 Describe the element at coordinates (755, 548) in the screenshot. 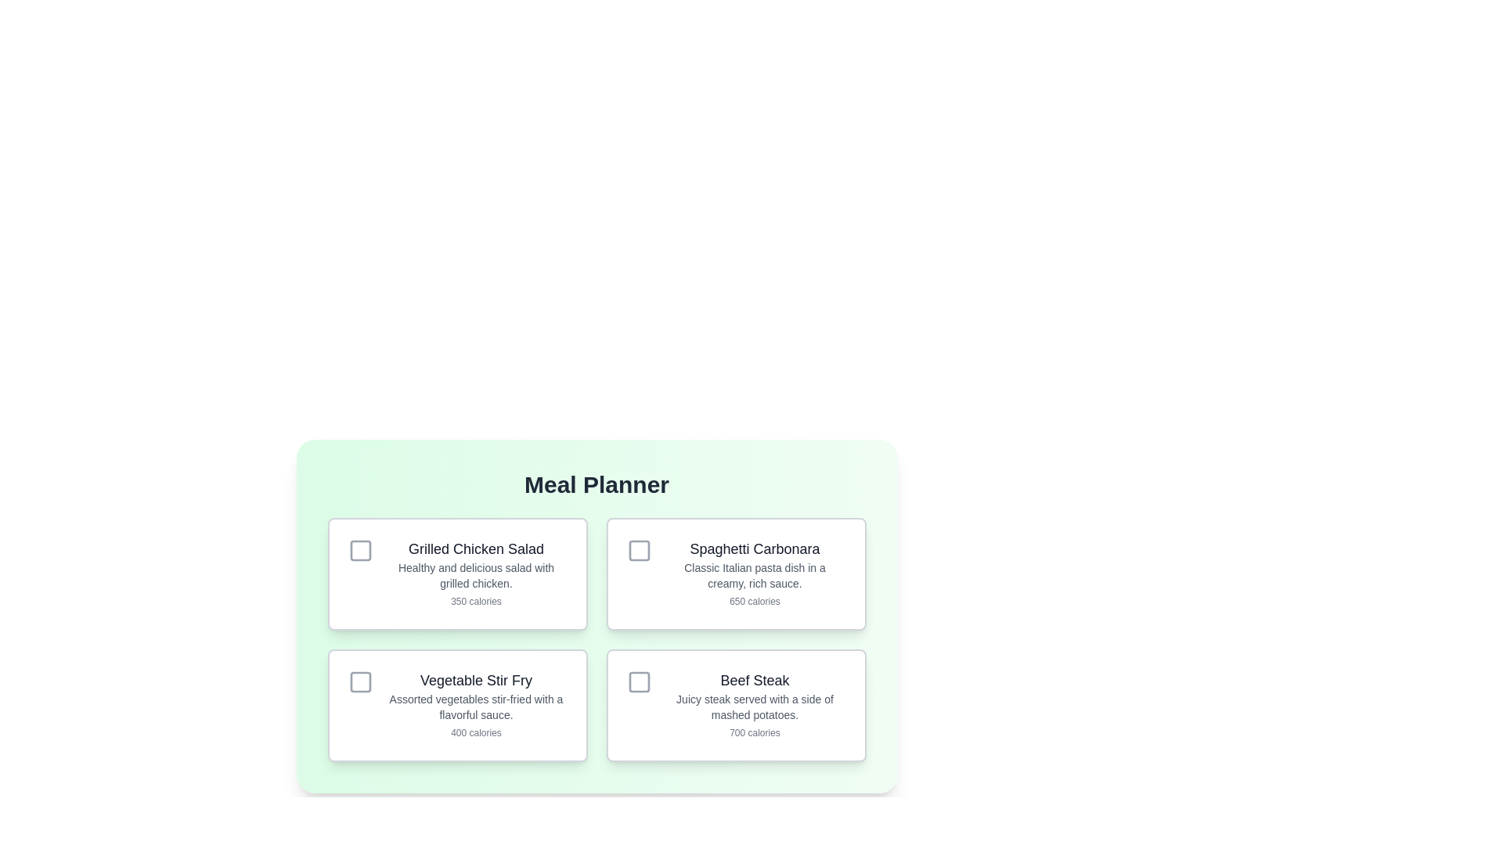

I see `the text label identifying the dish 'Spaghetti Carbonara' in the meal planner interface, located in the top-right section of the card layout` at that location.